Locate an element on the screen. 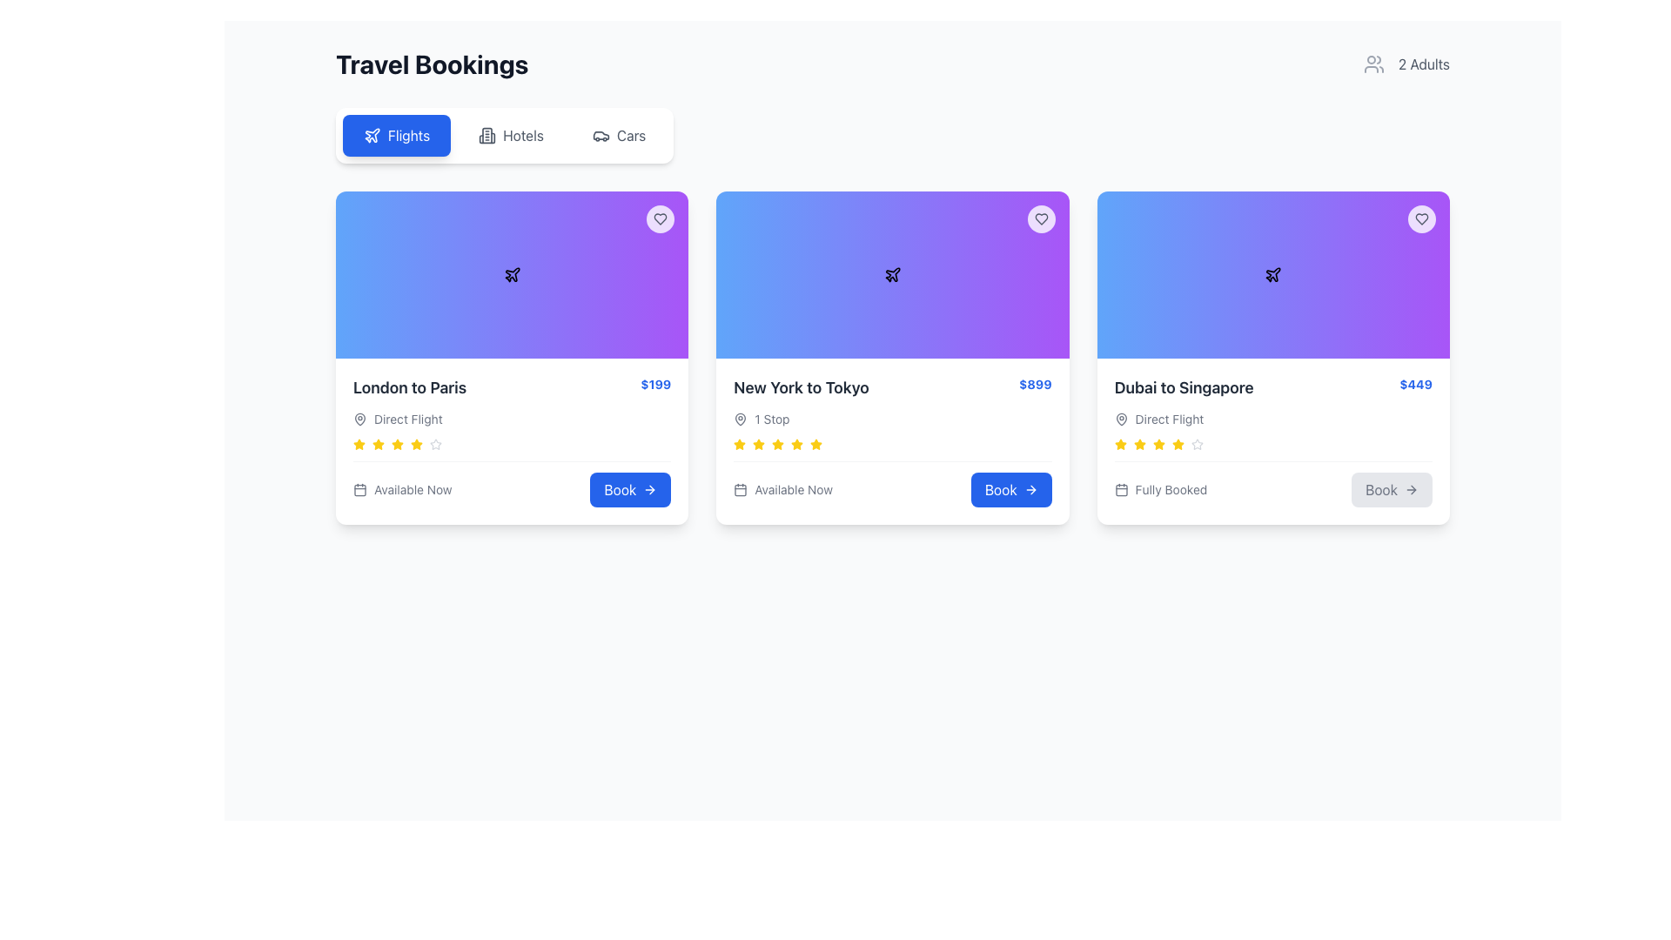  the 'Hotels' navigation button located in the top center part of the layout is located at coordinates (510, 134).